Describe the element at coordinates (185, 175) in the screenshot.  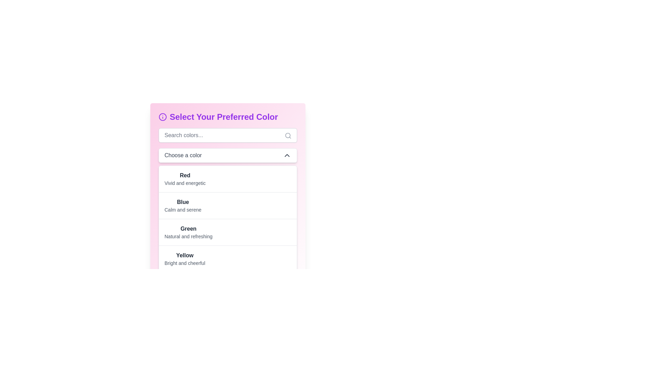
I see `the color option label that indicates a selection in the color preference menu, located above the description 'Vivid and energetic'` at that location.